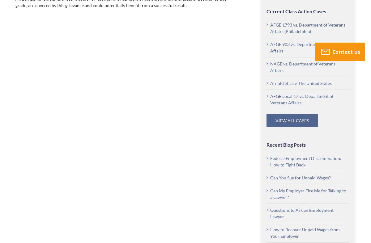 The image size is (371, 243). I want to click on 'Arnold et al. v. The United States', so click(270, 82).